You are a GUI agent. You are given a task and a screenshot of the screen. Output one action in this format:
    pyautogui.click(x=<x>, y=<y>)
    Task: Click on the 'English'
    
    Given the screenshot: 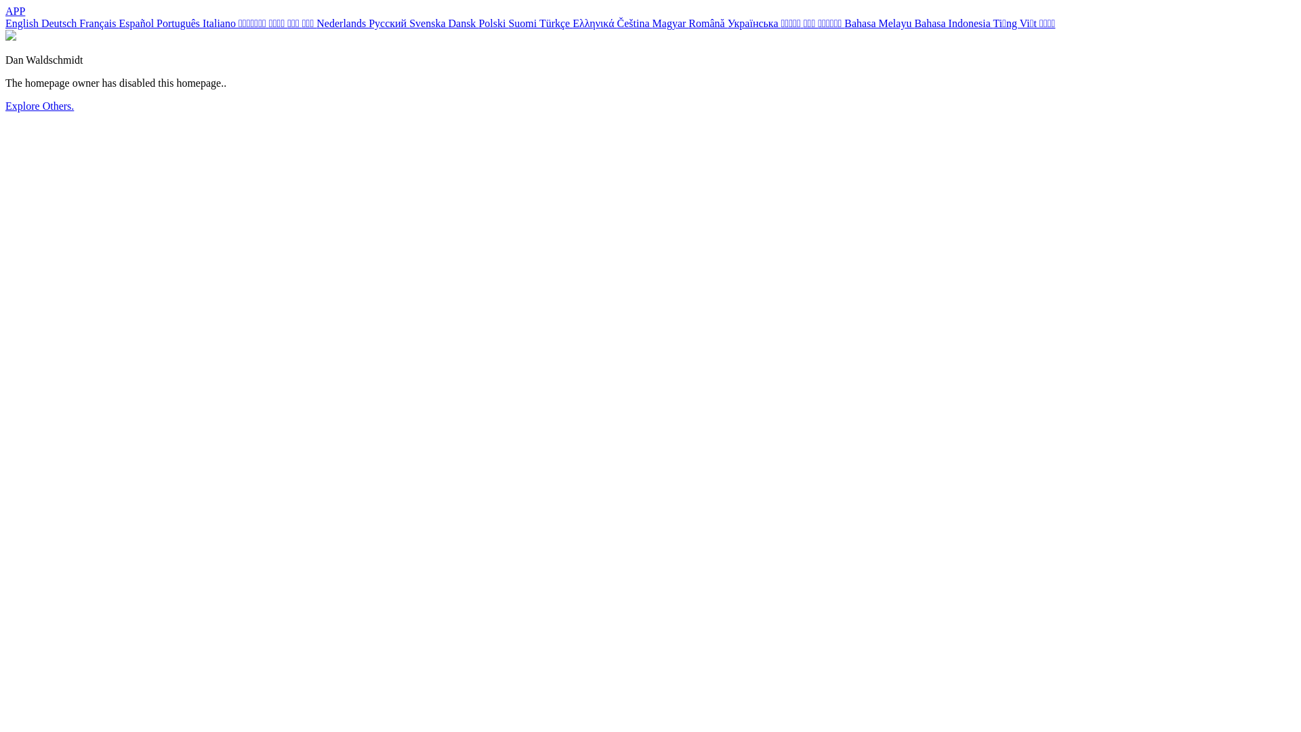 What is the action you would take?
    pyautogui.click(x=23, y=23)
    